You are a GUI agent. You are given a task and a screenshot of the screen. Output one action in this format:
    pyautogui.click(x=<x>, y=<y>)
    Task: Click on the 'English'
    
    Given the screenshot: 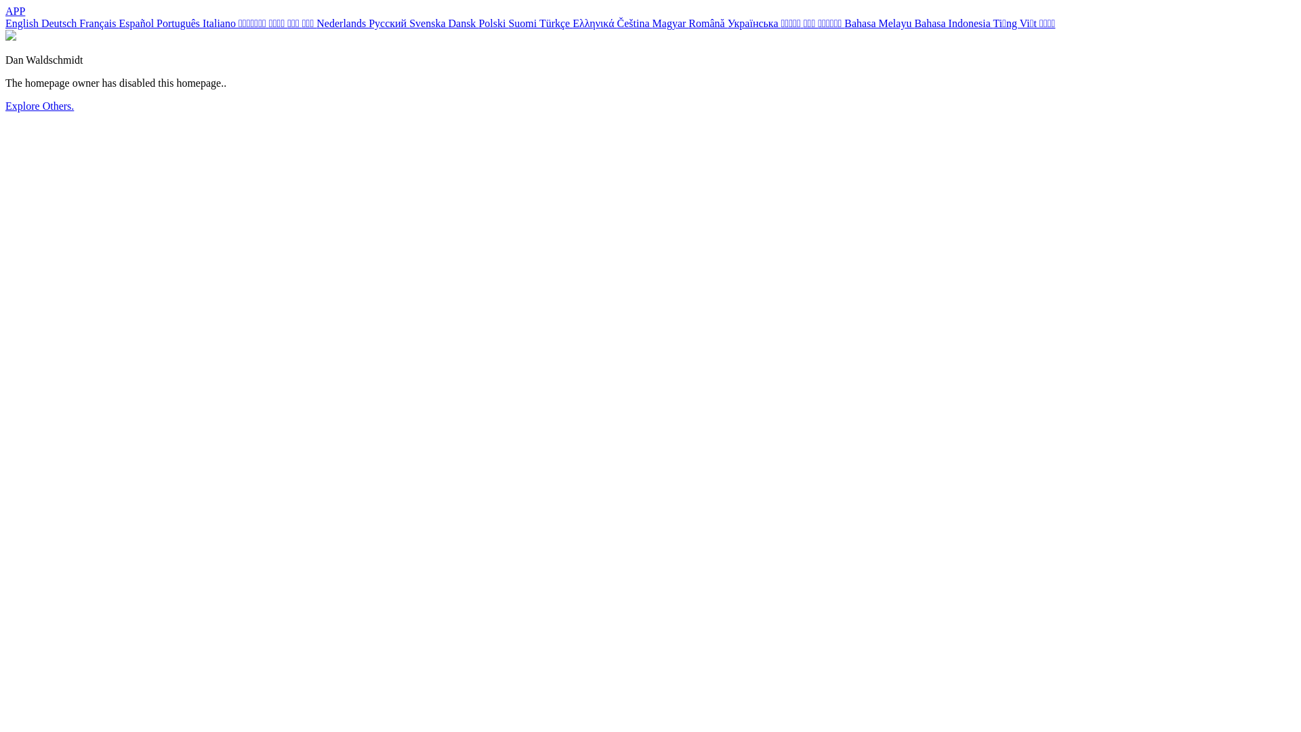 What is the action you would take?
    pyautogui.click(x=23, y=23)
    